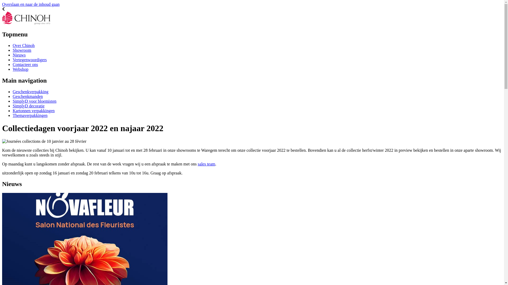 The height and width of the screenshot is (285, 508). I want to click on 'Over Chinoh', so click(23, 45).